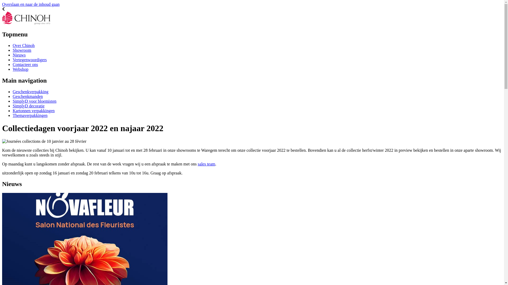 The height and width of the screenshot is (285, 508). I want to click on 'Over Chinoh', so click(23, 45).